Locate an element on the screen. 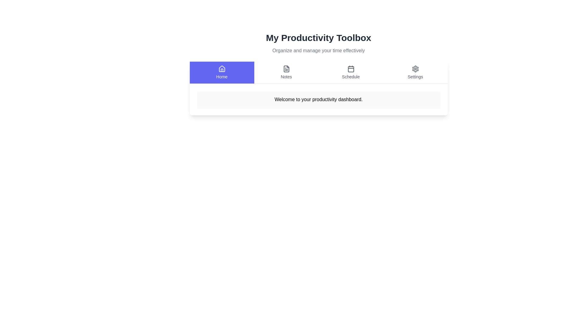 The width and height of the screenshot is (584, 328). the 'Home' navigation item, which is represented by a house icon and enclosed in a blue rectangle, located at the top left section of the interface under 'My Productivity Toolbox' is located at coordinates (221, 72).